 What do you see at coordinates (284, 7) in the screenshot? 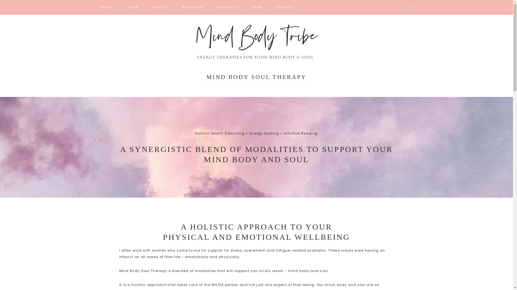
I see `'CONTACT'` at bounding box center [284, 7].